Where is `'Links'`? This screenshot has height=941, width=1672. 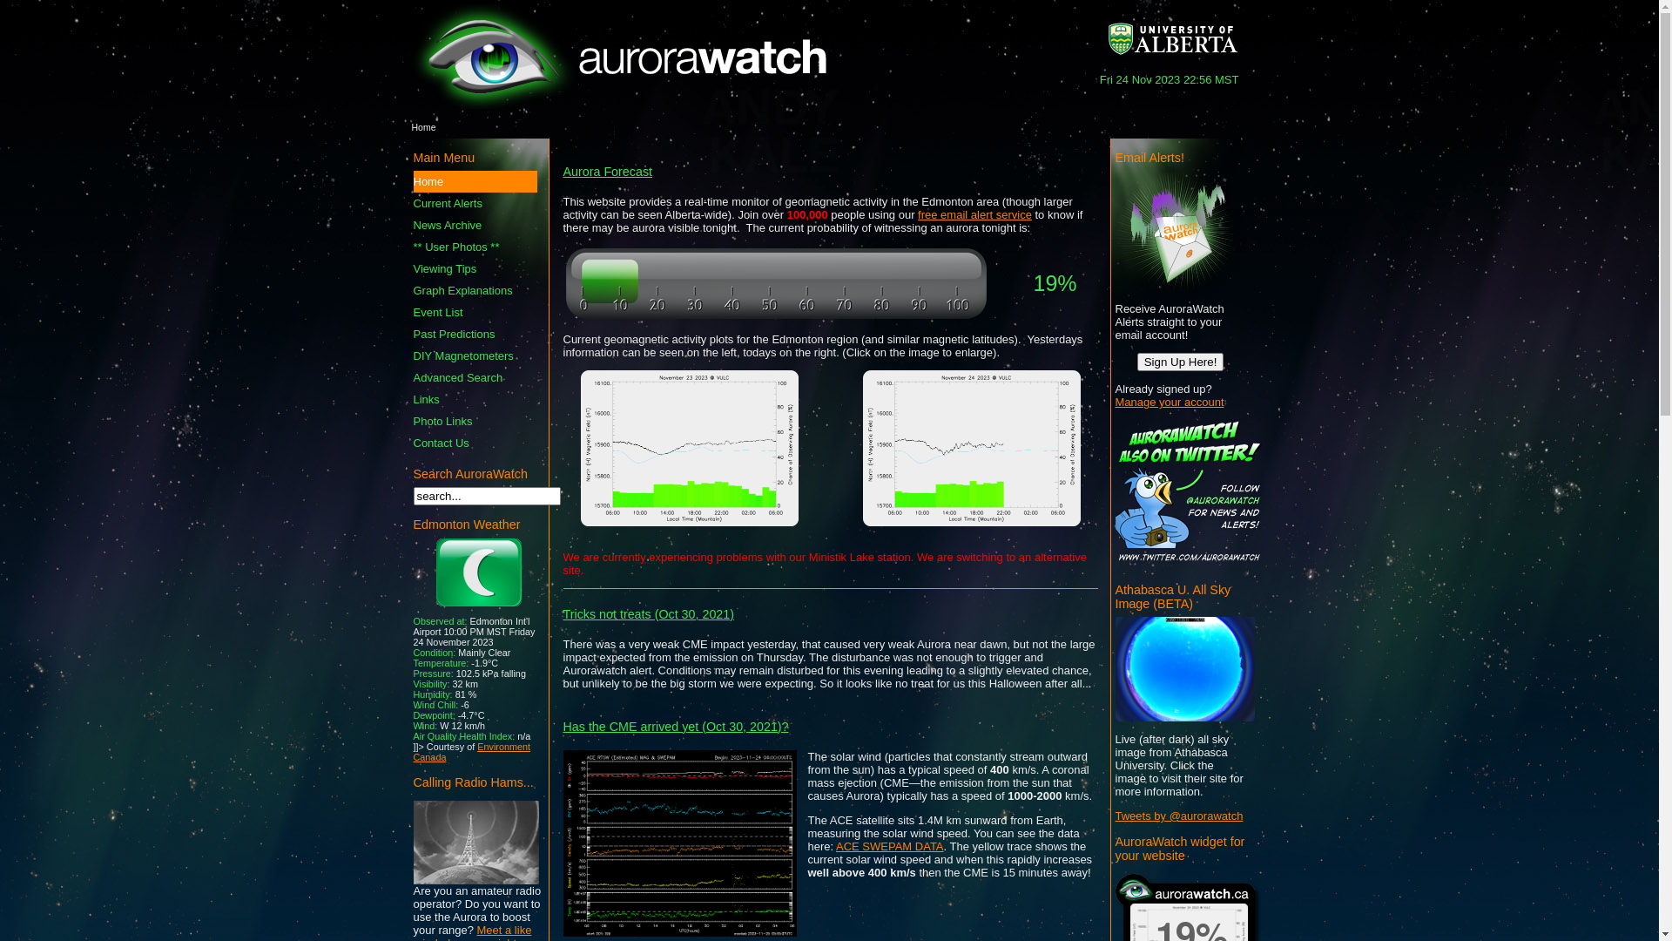
'Links' is located at coordinates (475, 399).